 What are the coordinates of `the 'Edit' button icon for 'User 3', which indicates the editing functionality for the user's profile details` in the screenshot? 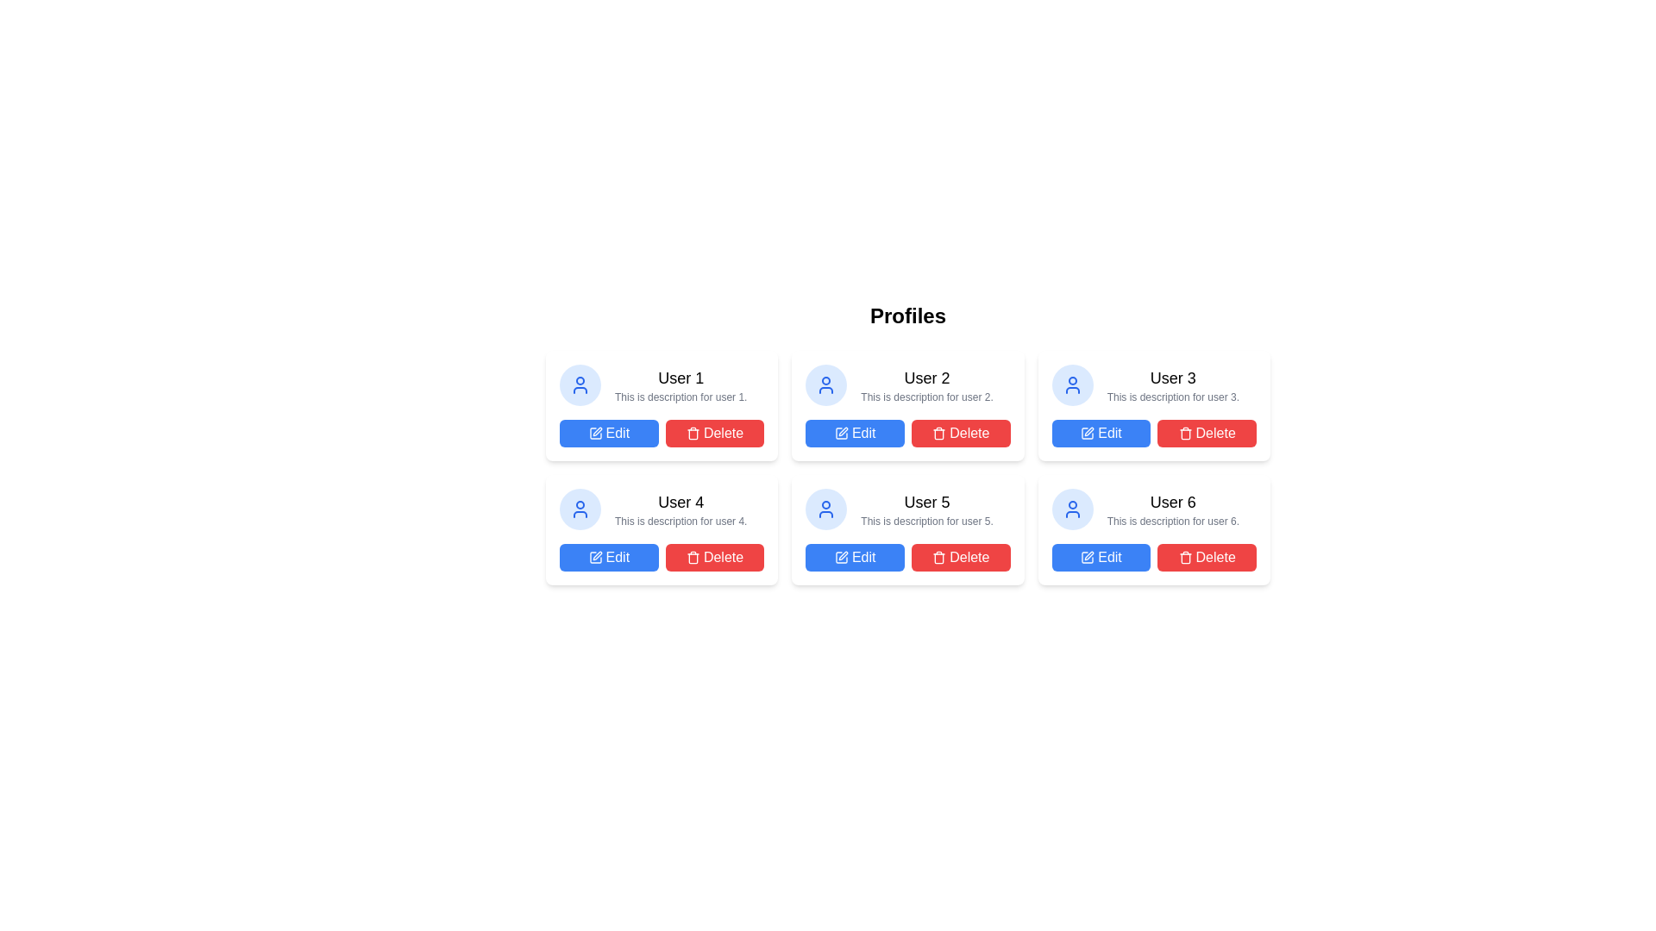 It's located at (1088, 431).